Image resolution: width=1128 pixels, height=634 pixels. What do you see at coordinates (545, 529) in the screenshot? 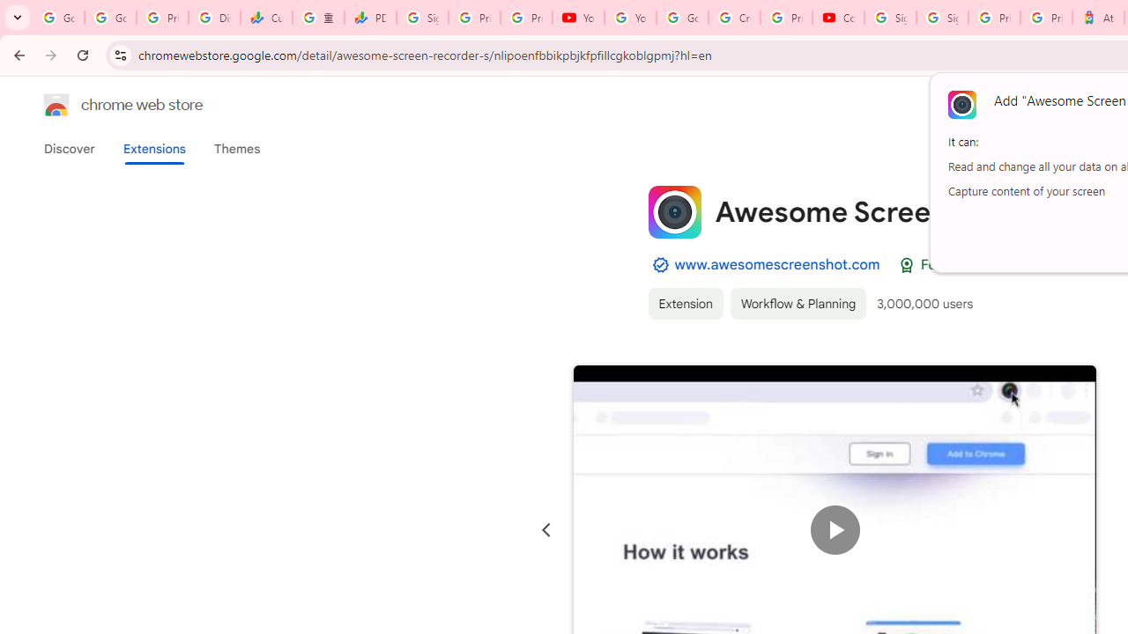
I see `'Previous slide'` at bounding box center [545, 529].